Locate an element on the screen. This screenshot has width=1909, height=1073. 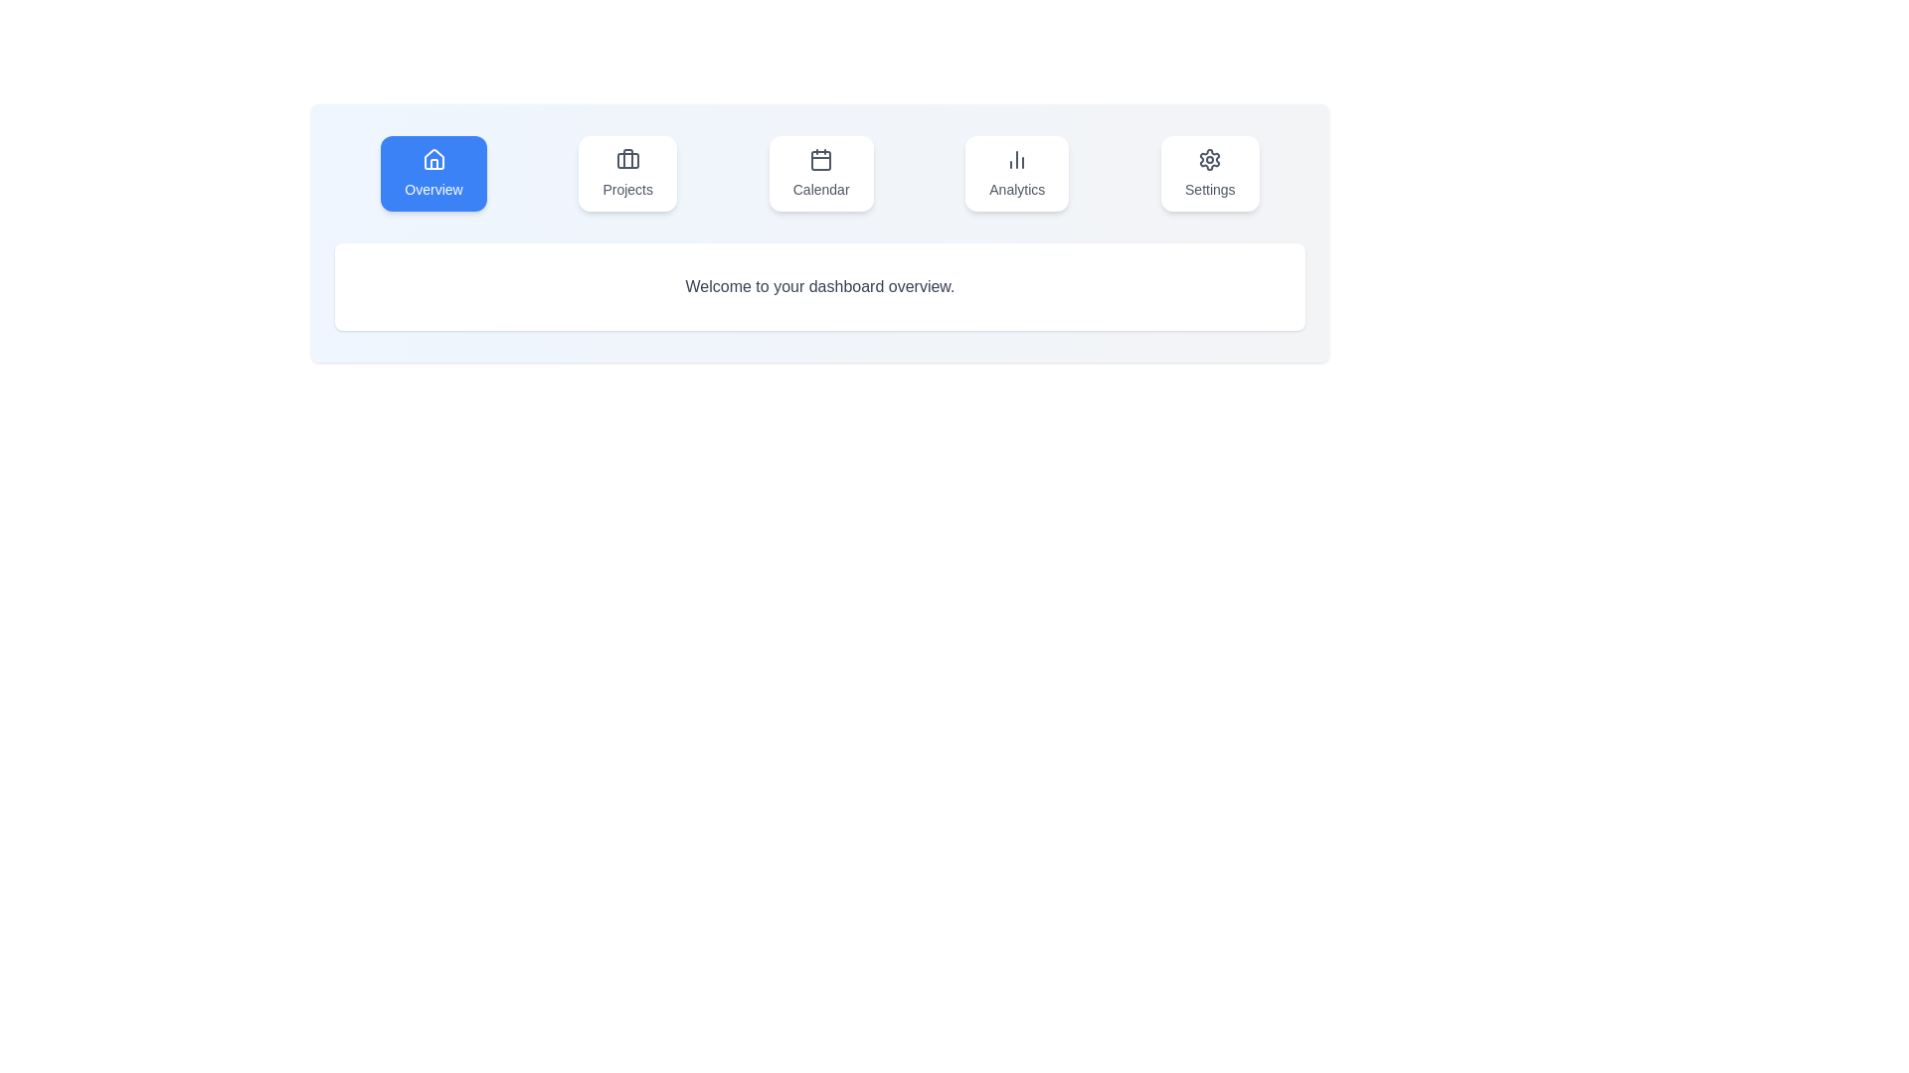
the calendar icon, which is a minimalistic gray icon with two vertical lines at the top, located within the 'Calendar' button positioned between 'Projects' and 'Analytics' is located at coordinates (821, 159).